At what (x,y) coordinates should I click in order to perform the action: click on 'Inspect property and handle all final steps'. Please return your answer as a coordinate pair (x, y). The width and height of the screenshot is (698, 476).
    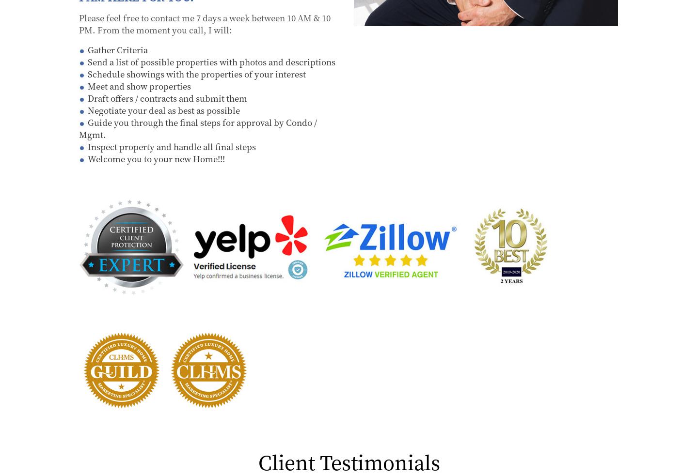
    Looking at the image, I should click on (88, 146).